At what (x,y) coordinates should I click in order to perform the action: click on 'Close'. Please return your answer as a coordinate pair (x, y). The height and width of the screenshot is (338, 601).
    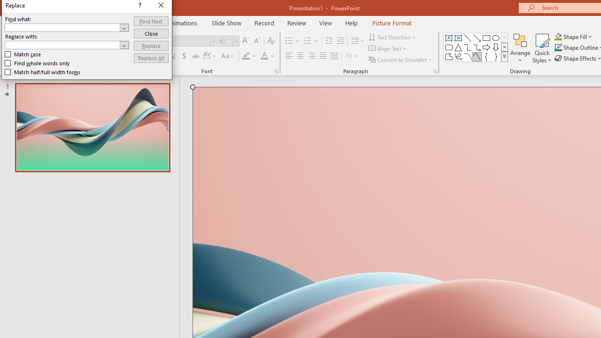
    Looking at the image, I should click on (151, 33).